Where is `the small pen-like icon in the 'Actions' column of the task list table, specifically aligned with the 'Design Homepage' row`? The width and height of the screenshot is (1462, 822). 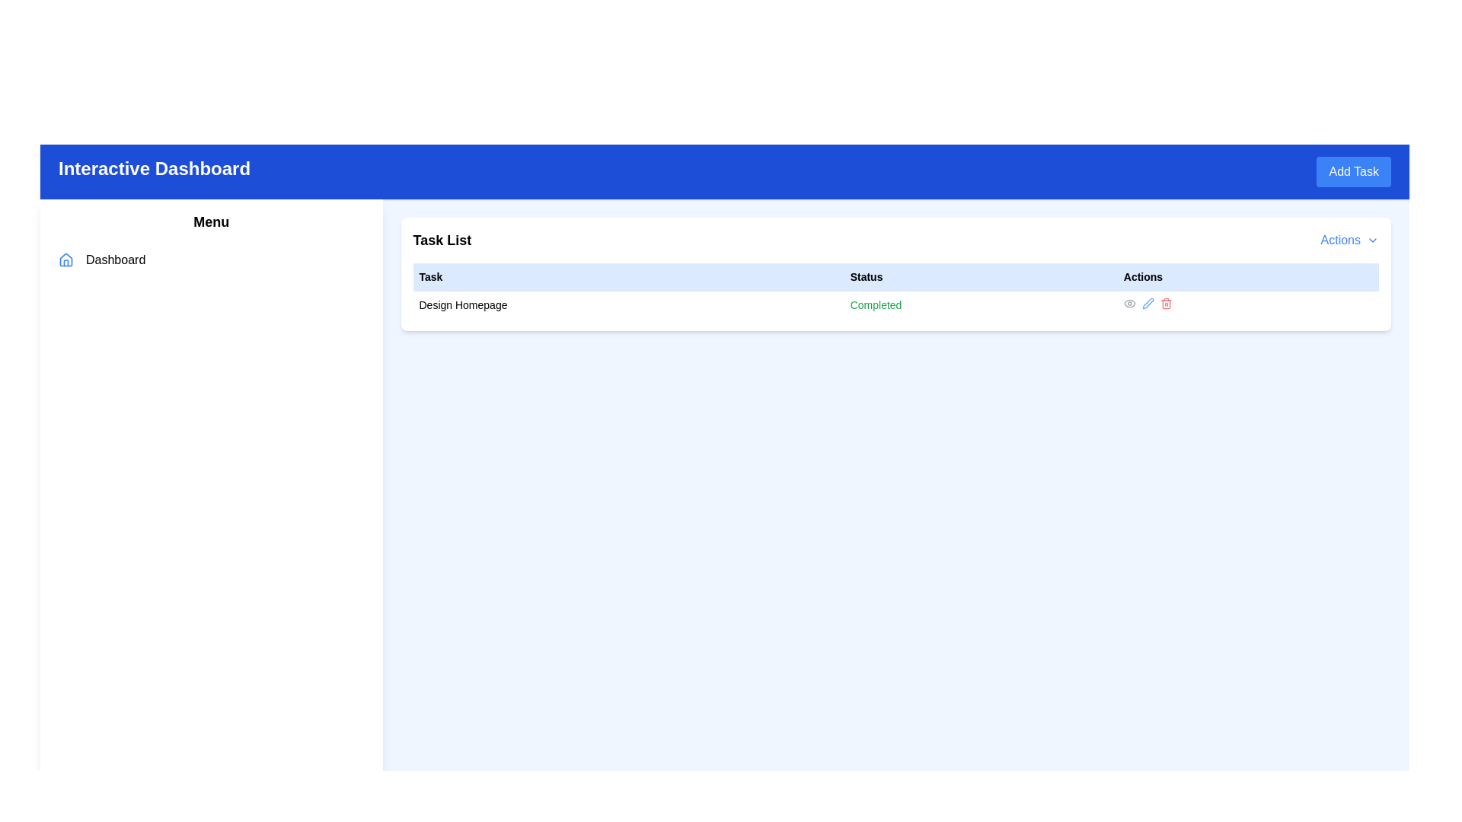 the small pen-like icon in the 'Actions' column of the task list table, specifically aligned with the 'Design Homepage' row is located at coordinates (1148, 303).